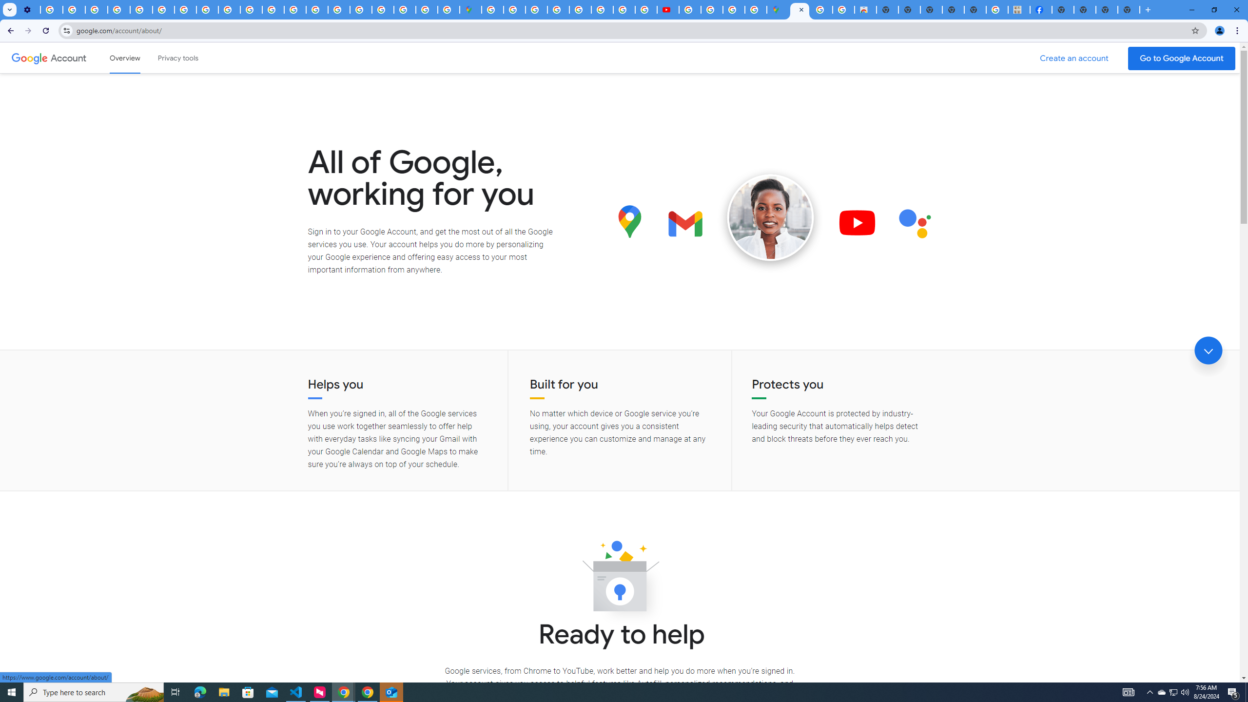 This screenshot has width=1248, height=702. Describe the element at coordinates (620, 579) in the screenshot. I see `'Ready to help'` at that location.